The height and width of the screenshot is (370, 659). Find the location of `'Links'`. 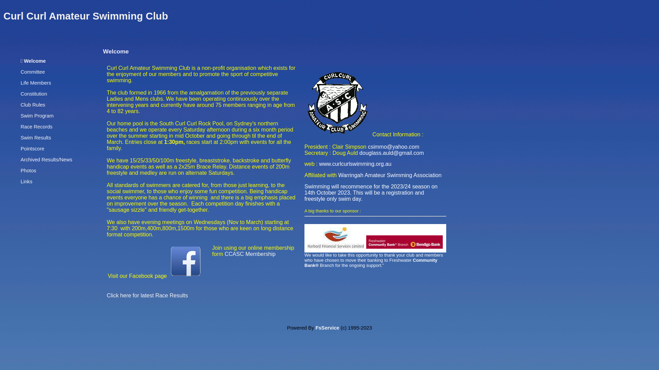

'Links' is located at coordinates (26, 181).